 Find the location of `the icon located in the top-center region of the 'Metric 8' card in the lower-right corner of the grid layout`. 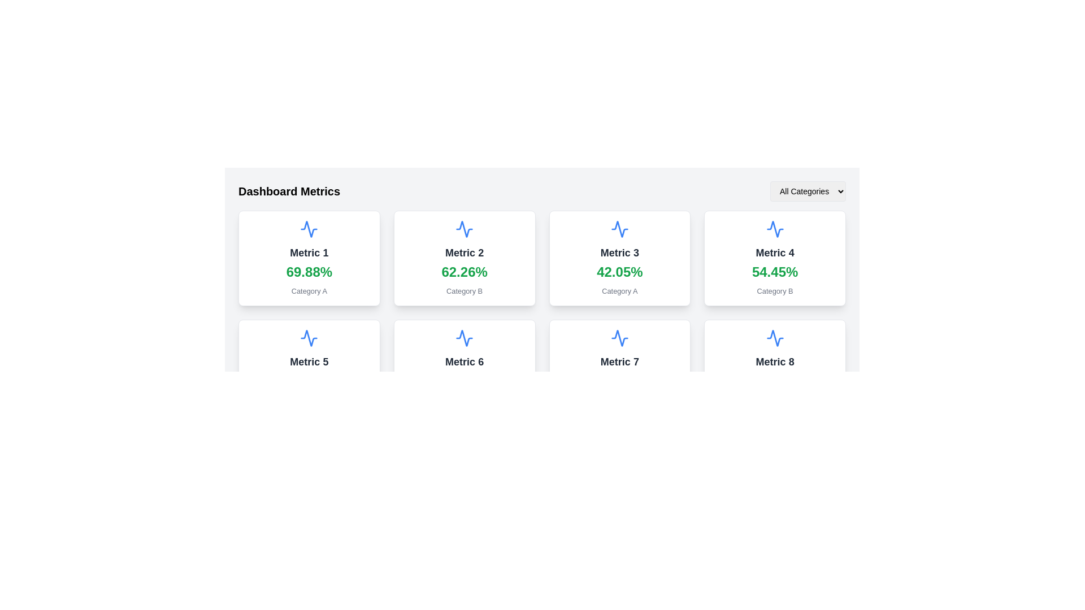

the icon located in the top-center region of the 'Metric 8' card in the lower-right corner of the grid layout is located at coordinates (774, 338).